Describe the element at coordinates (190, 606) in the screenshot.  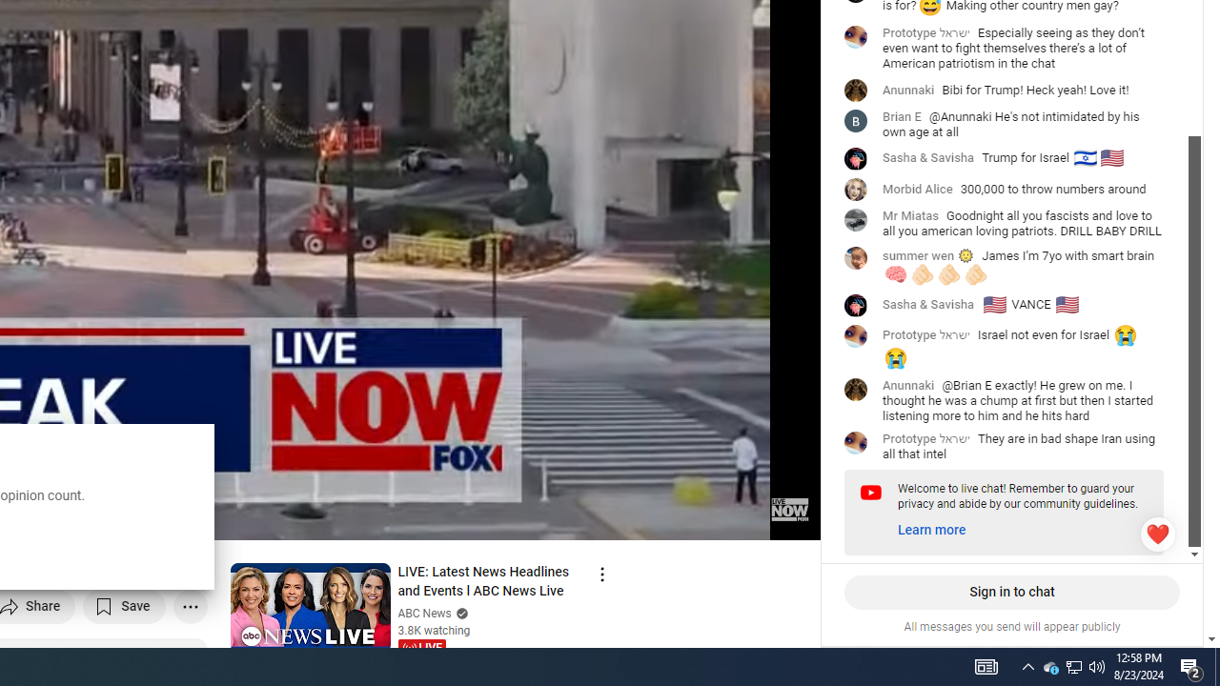
I see `'More actions'` at that location.